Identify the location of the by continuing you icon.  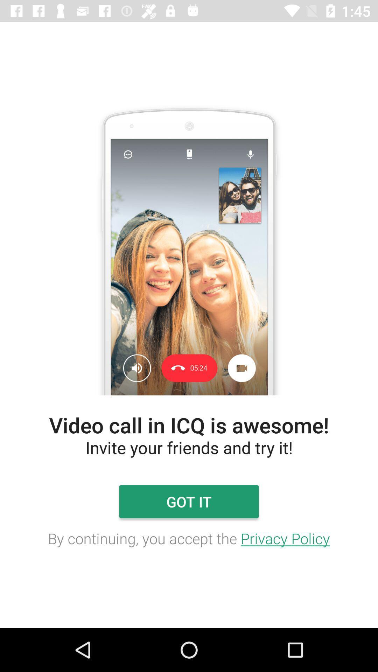
(189, 538).